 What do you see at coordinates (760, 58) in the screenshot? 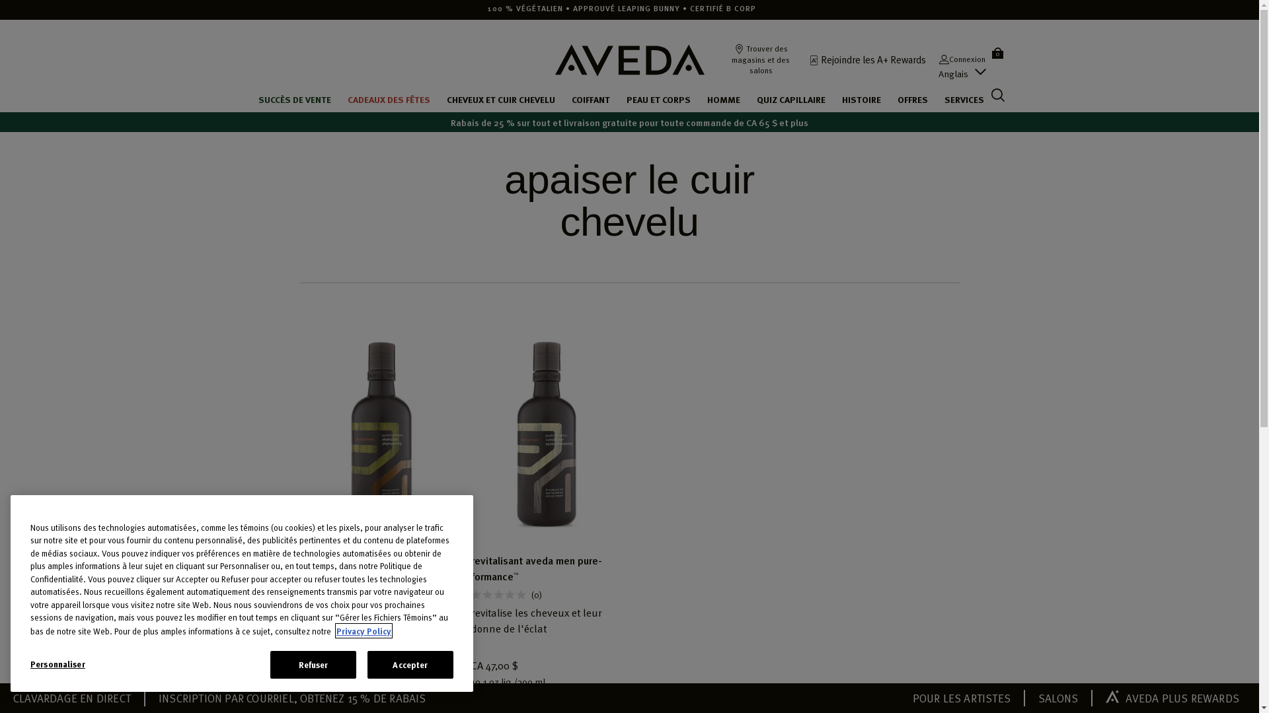
I see `'Trouver des magasins et des salons'` at bounding box center [760, 58].